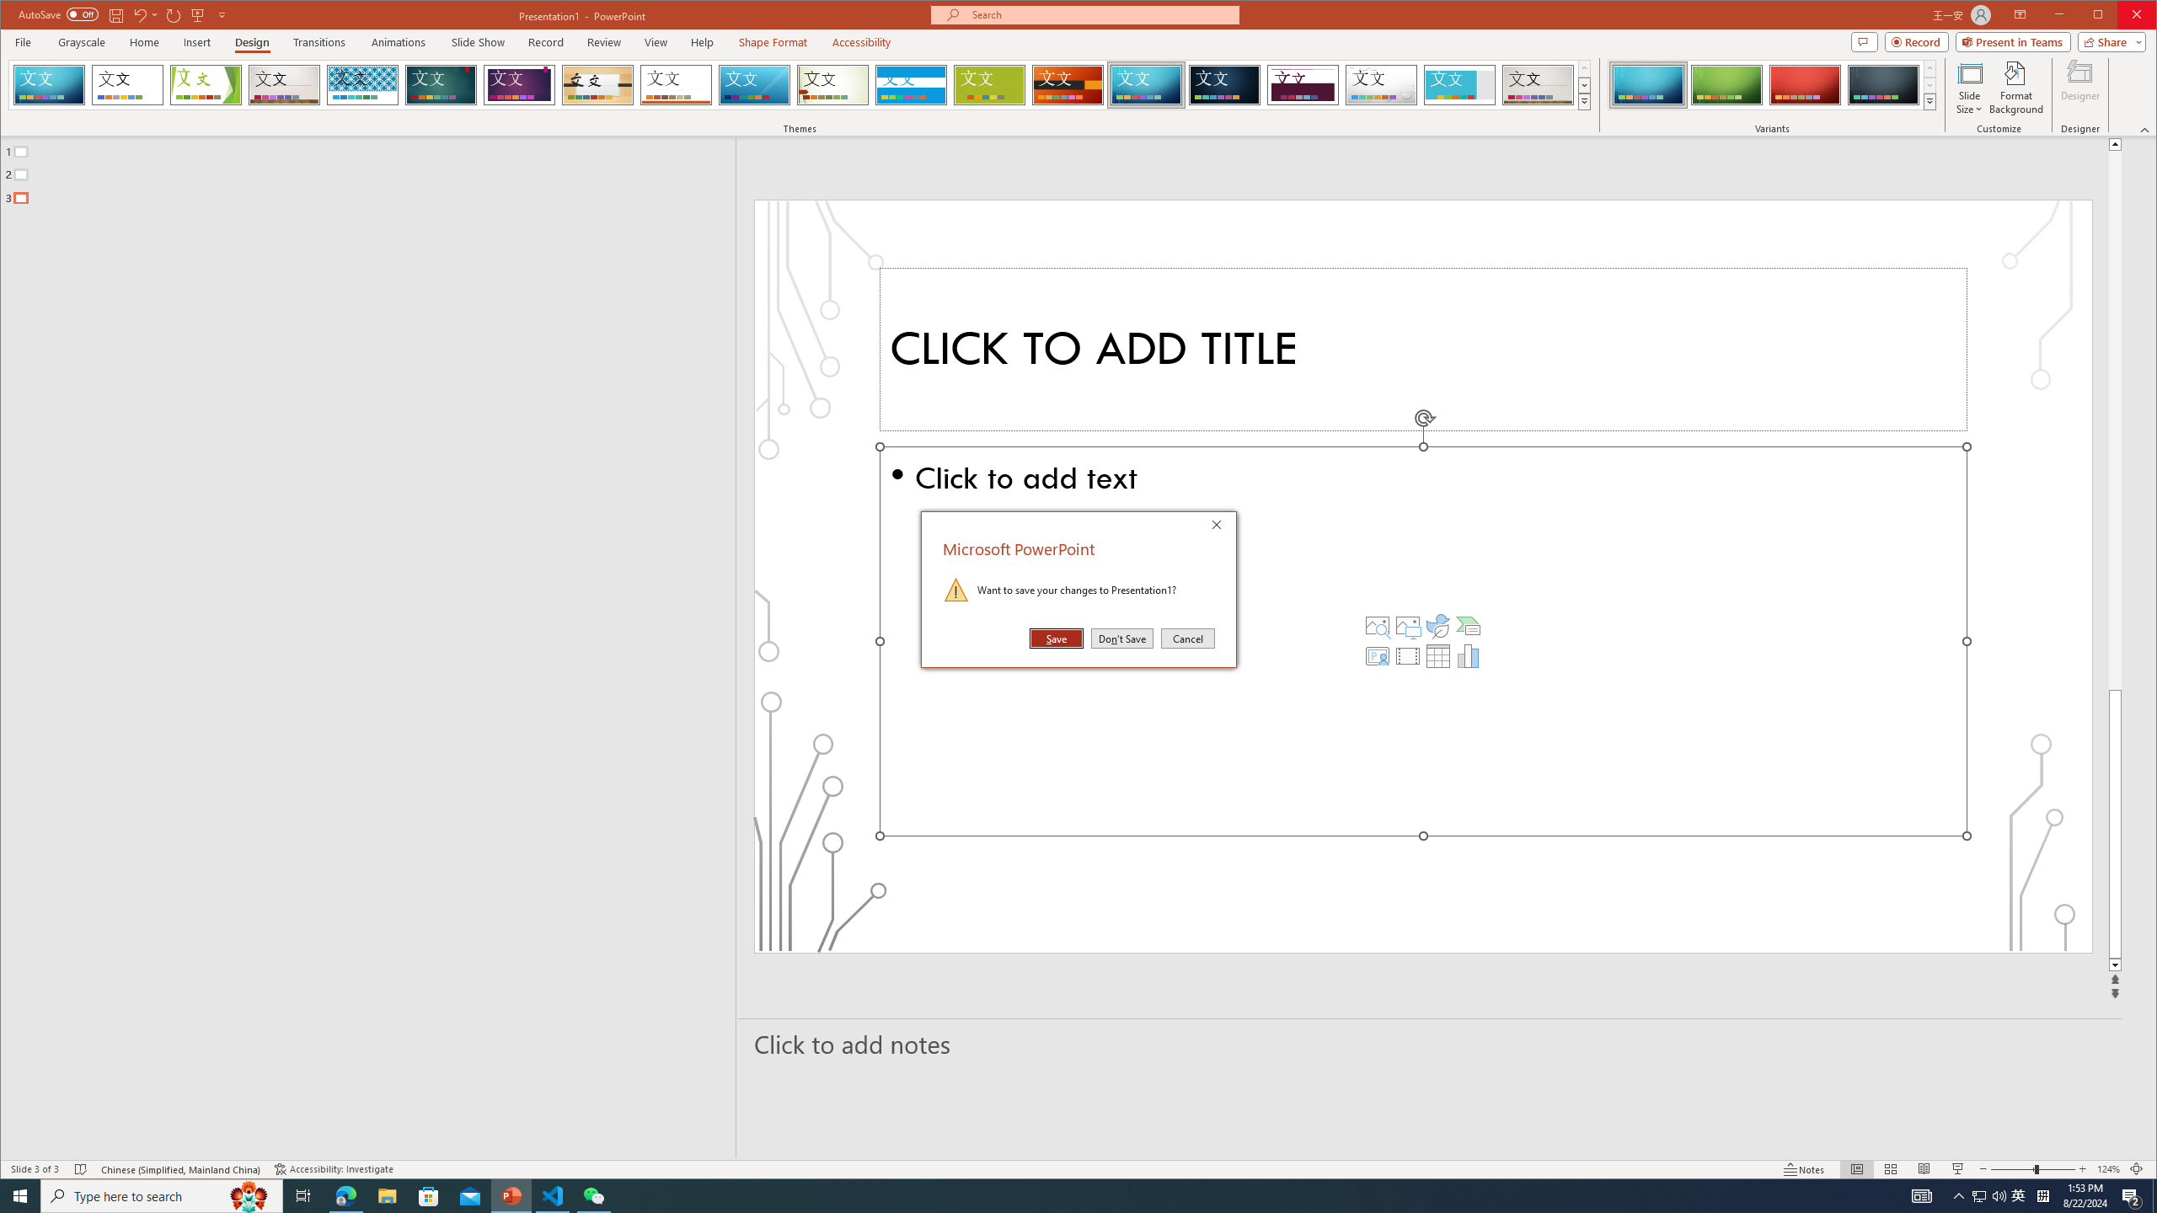 Image resolution: width=2157 pixels, height=1213 pixels. Describe the element at coordinates (1187, 639) in the screenshot. I see `'Cancel'` at that location.